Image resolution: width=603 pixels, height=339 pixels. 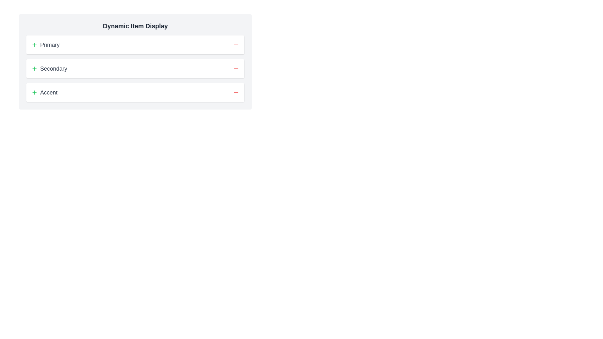 I want to click on the text label displaying 'Secondary', which is positioned below 'Primary' and above 'Accent', and is aligned with the '+' icon to its left, so click(x=54, y=69).